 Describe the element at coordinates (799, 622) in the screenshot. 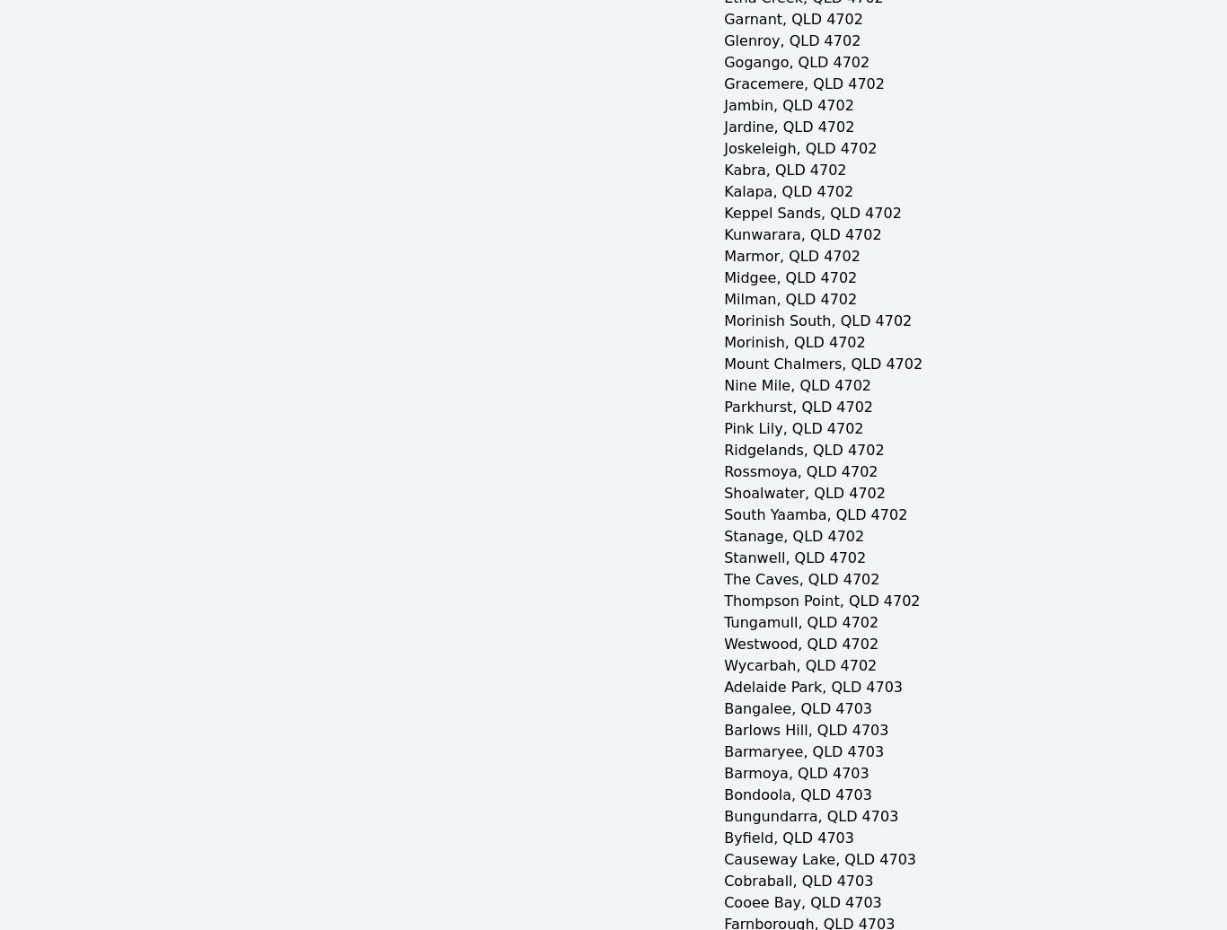

I see `'Tungamull, QLD 4702'` at that location.